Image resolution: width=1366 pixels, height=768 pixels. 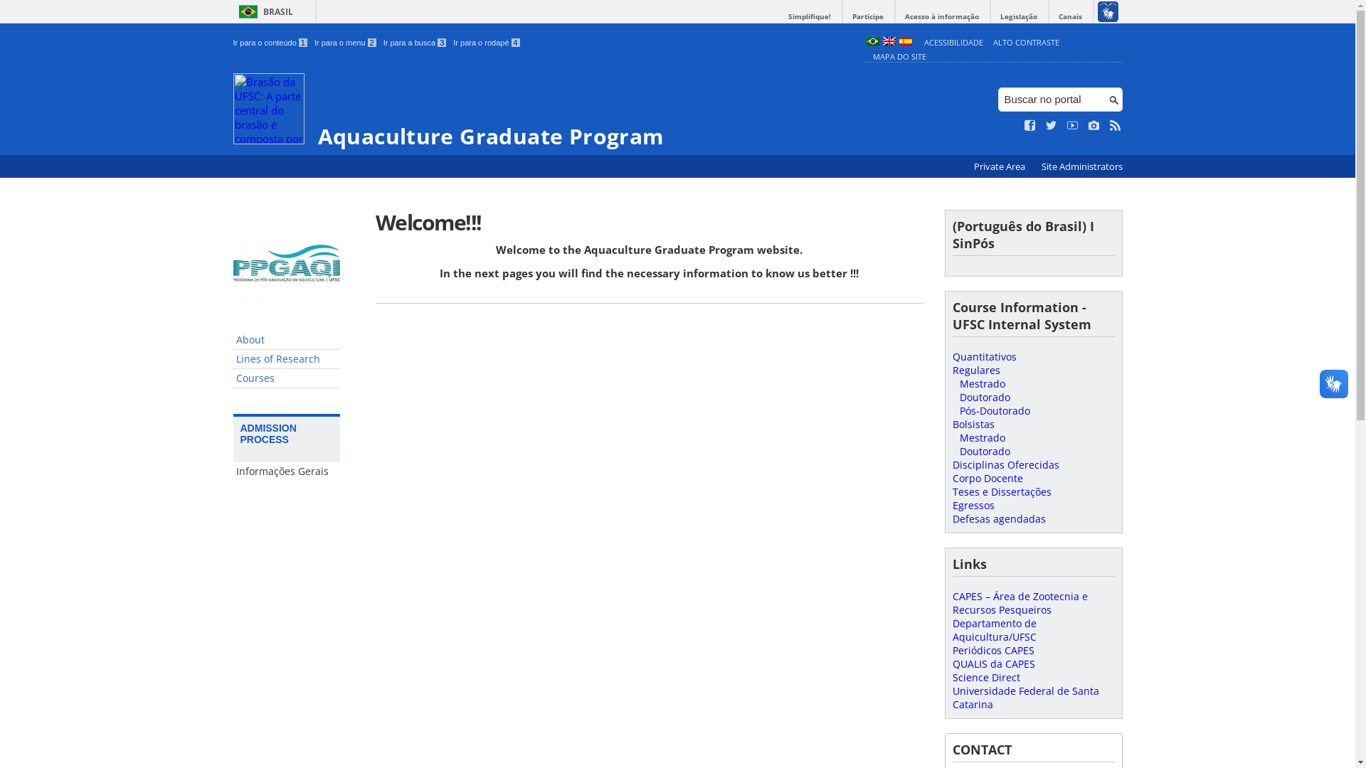 I want to click on 'English (en)', so click(x=887, y=41).